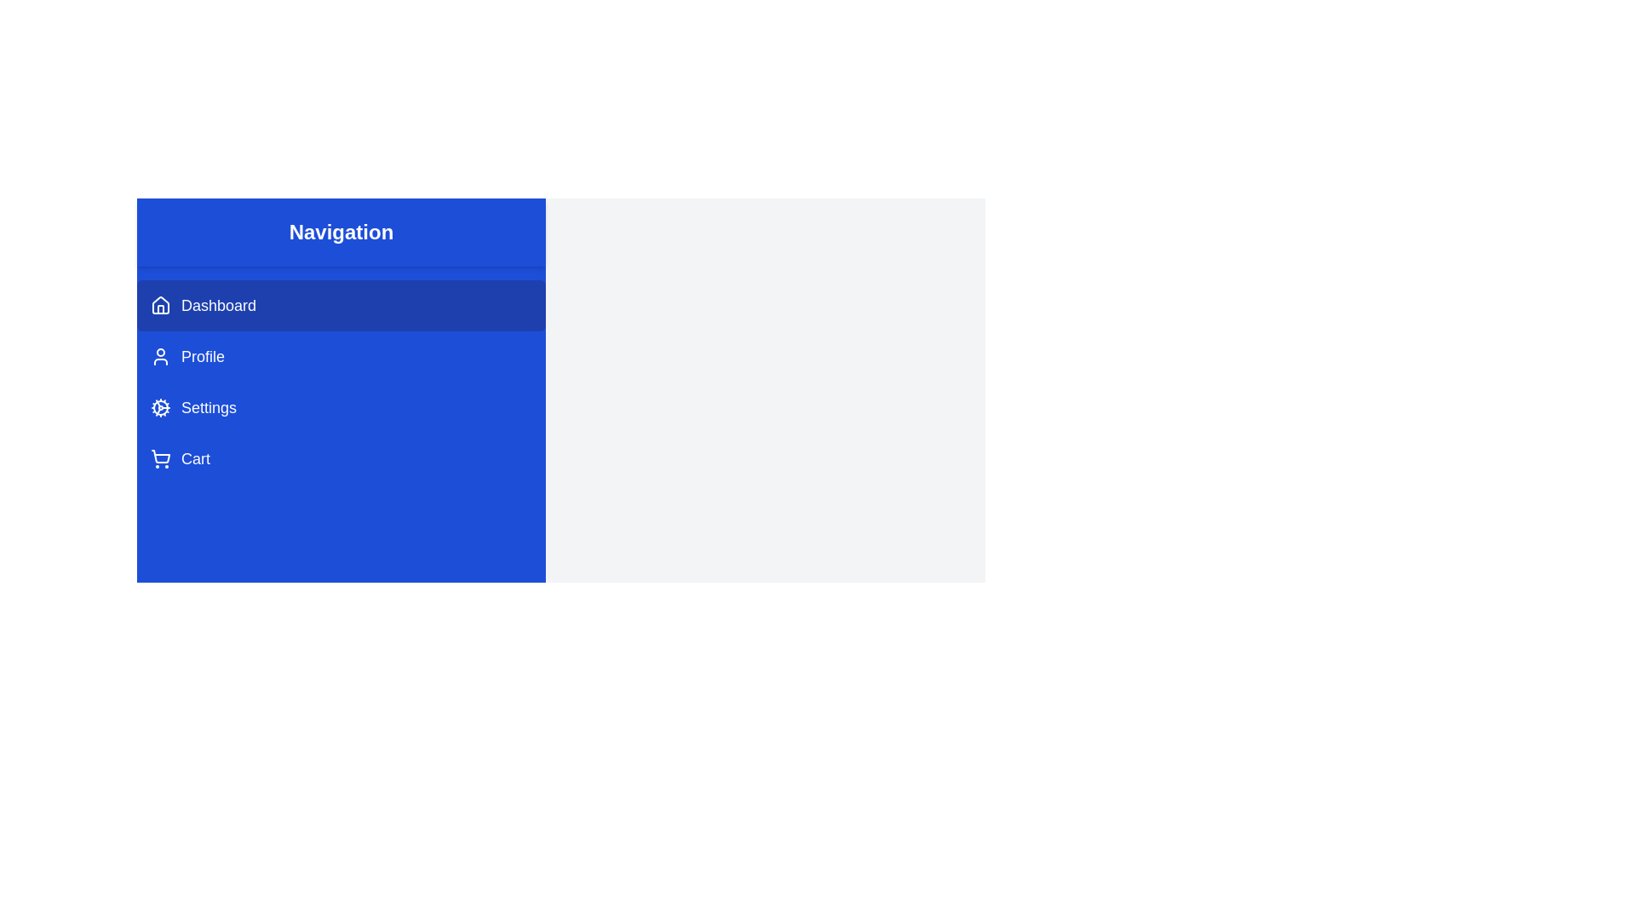 The height and width of the screenshot is (920, 1635). What do you see at coordinates (160, 304) in the screenshot?
I see `the 'Dashboard' button which contains the house icon on the left side of its text label` at bounding box center [160, 304].